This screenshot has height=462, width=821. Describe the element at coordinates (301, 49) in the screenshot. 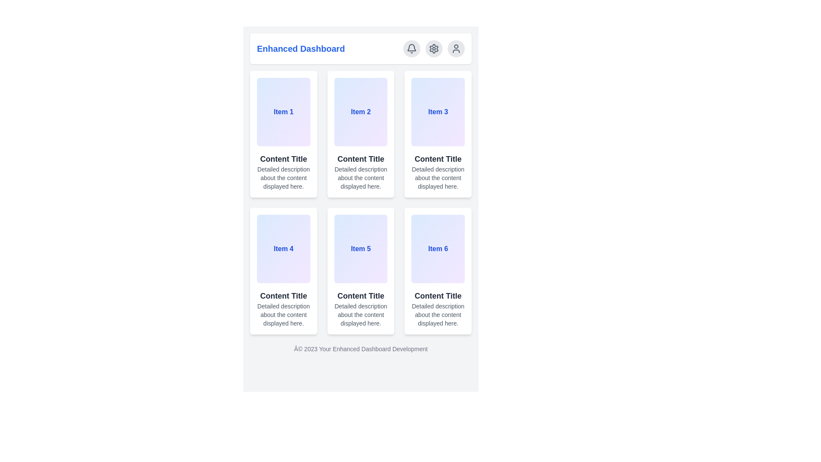

I see `the static text element displaying the title 'Enhanced Dashboard', which is styled in bold blue font and is located at the top-left section of the application layout` at that location.